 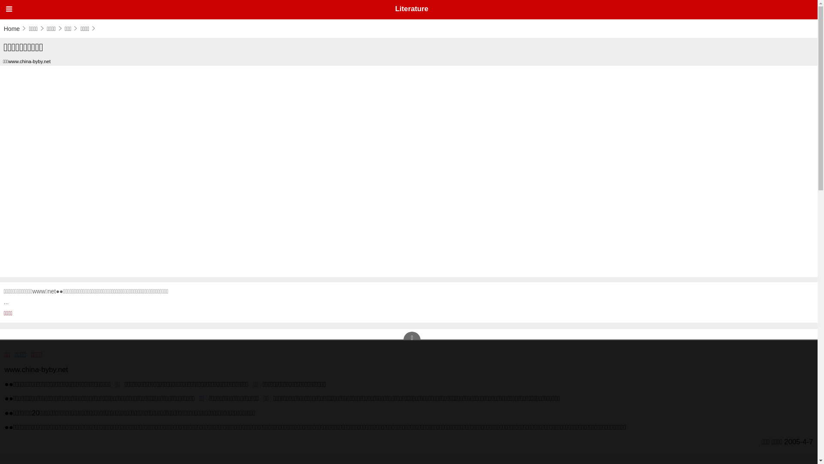 What do you see at coordinates (15, 28) in the screenshot?
I see `'Home'` at bounding box center [15, 28].